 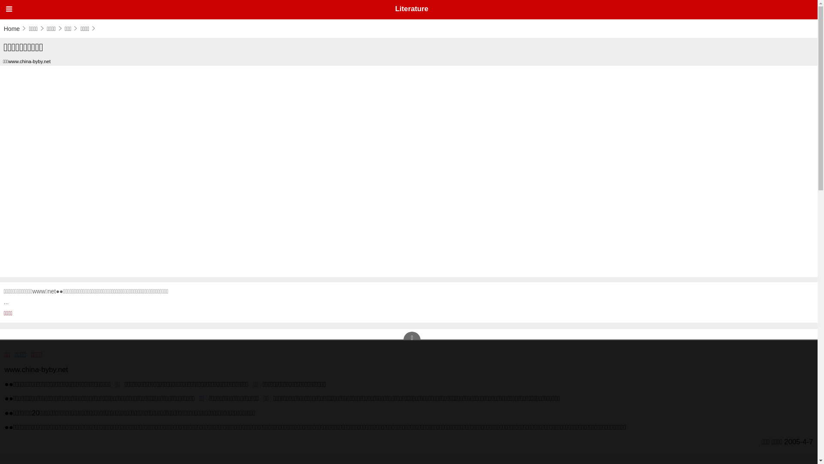 What do you see at coordinates (15, 28) in the screenshot?
I see `'Home'` at bounding box center [15, 28].